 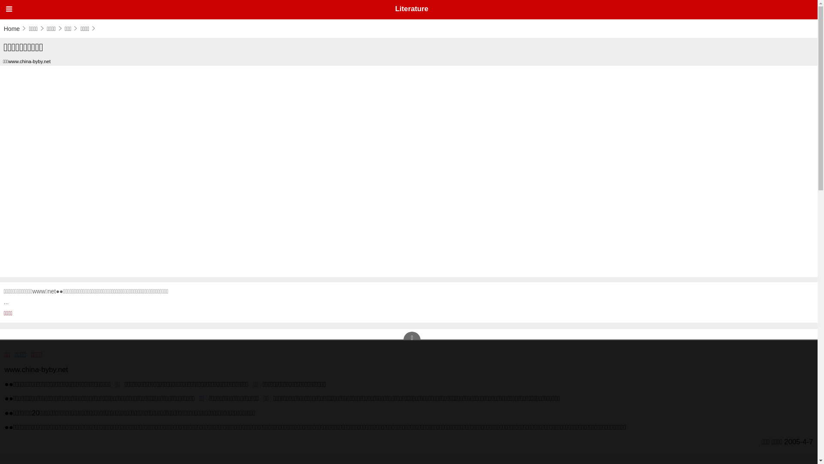 What do you see at coordinates (15, 28) in the screenshot?
I see `'Home'` at bounding box center [15, 28].